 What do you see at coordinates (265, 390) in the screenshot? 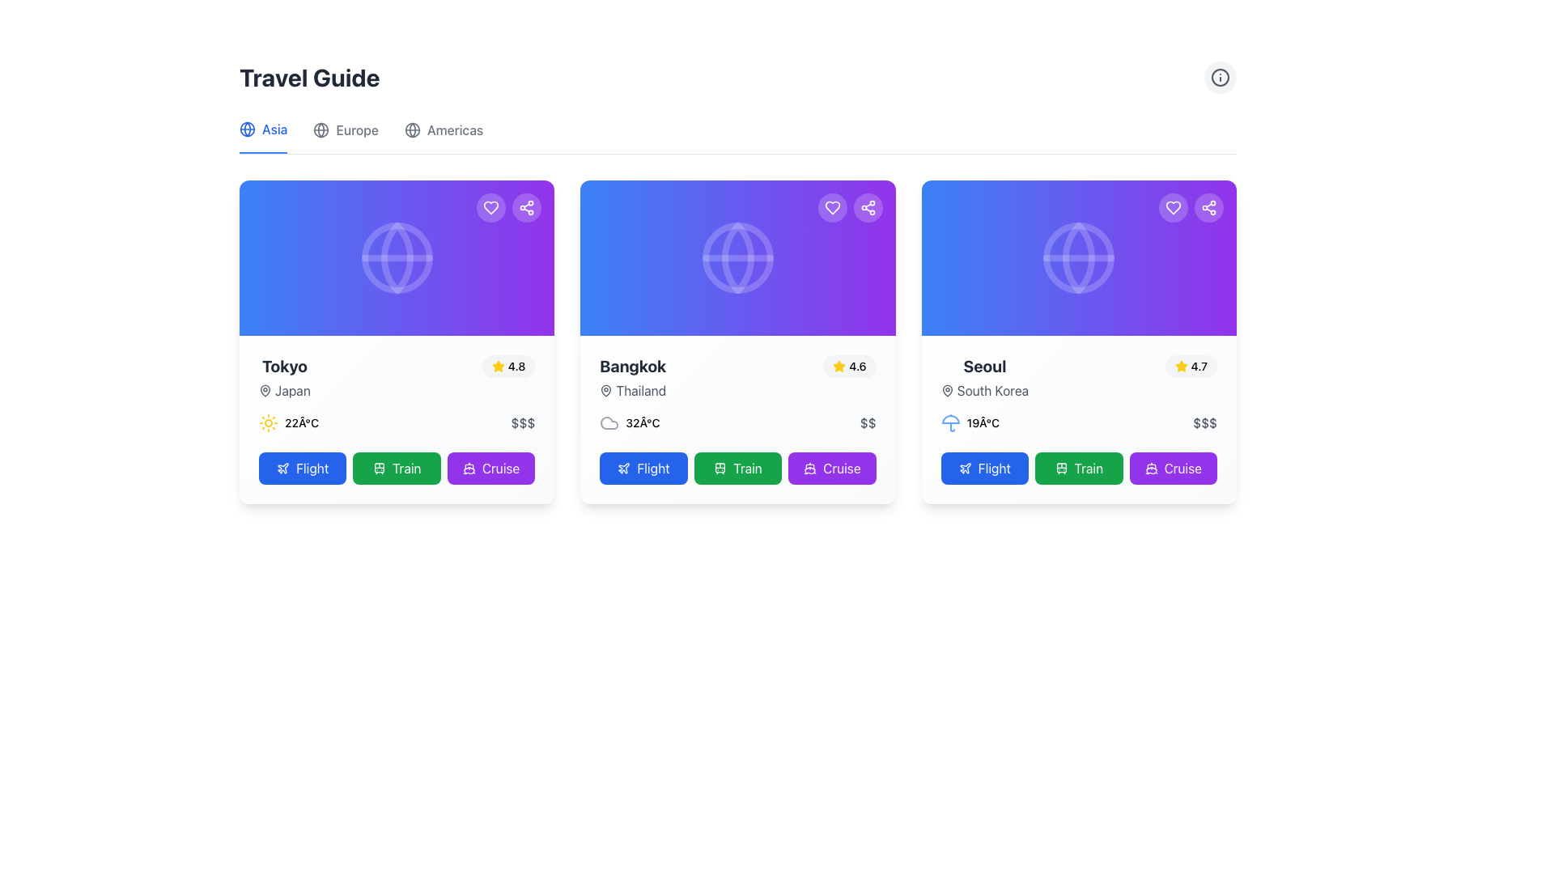
I see `the location pin icon located to the left of the text 'Japan', which is part of the label for 'Tokyo', if it is linked to an action` at bounding box center [265, 390].